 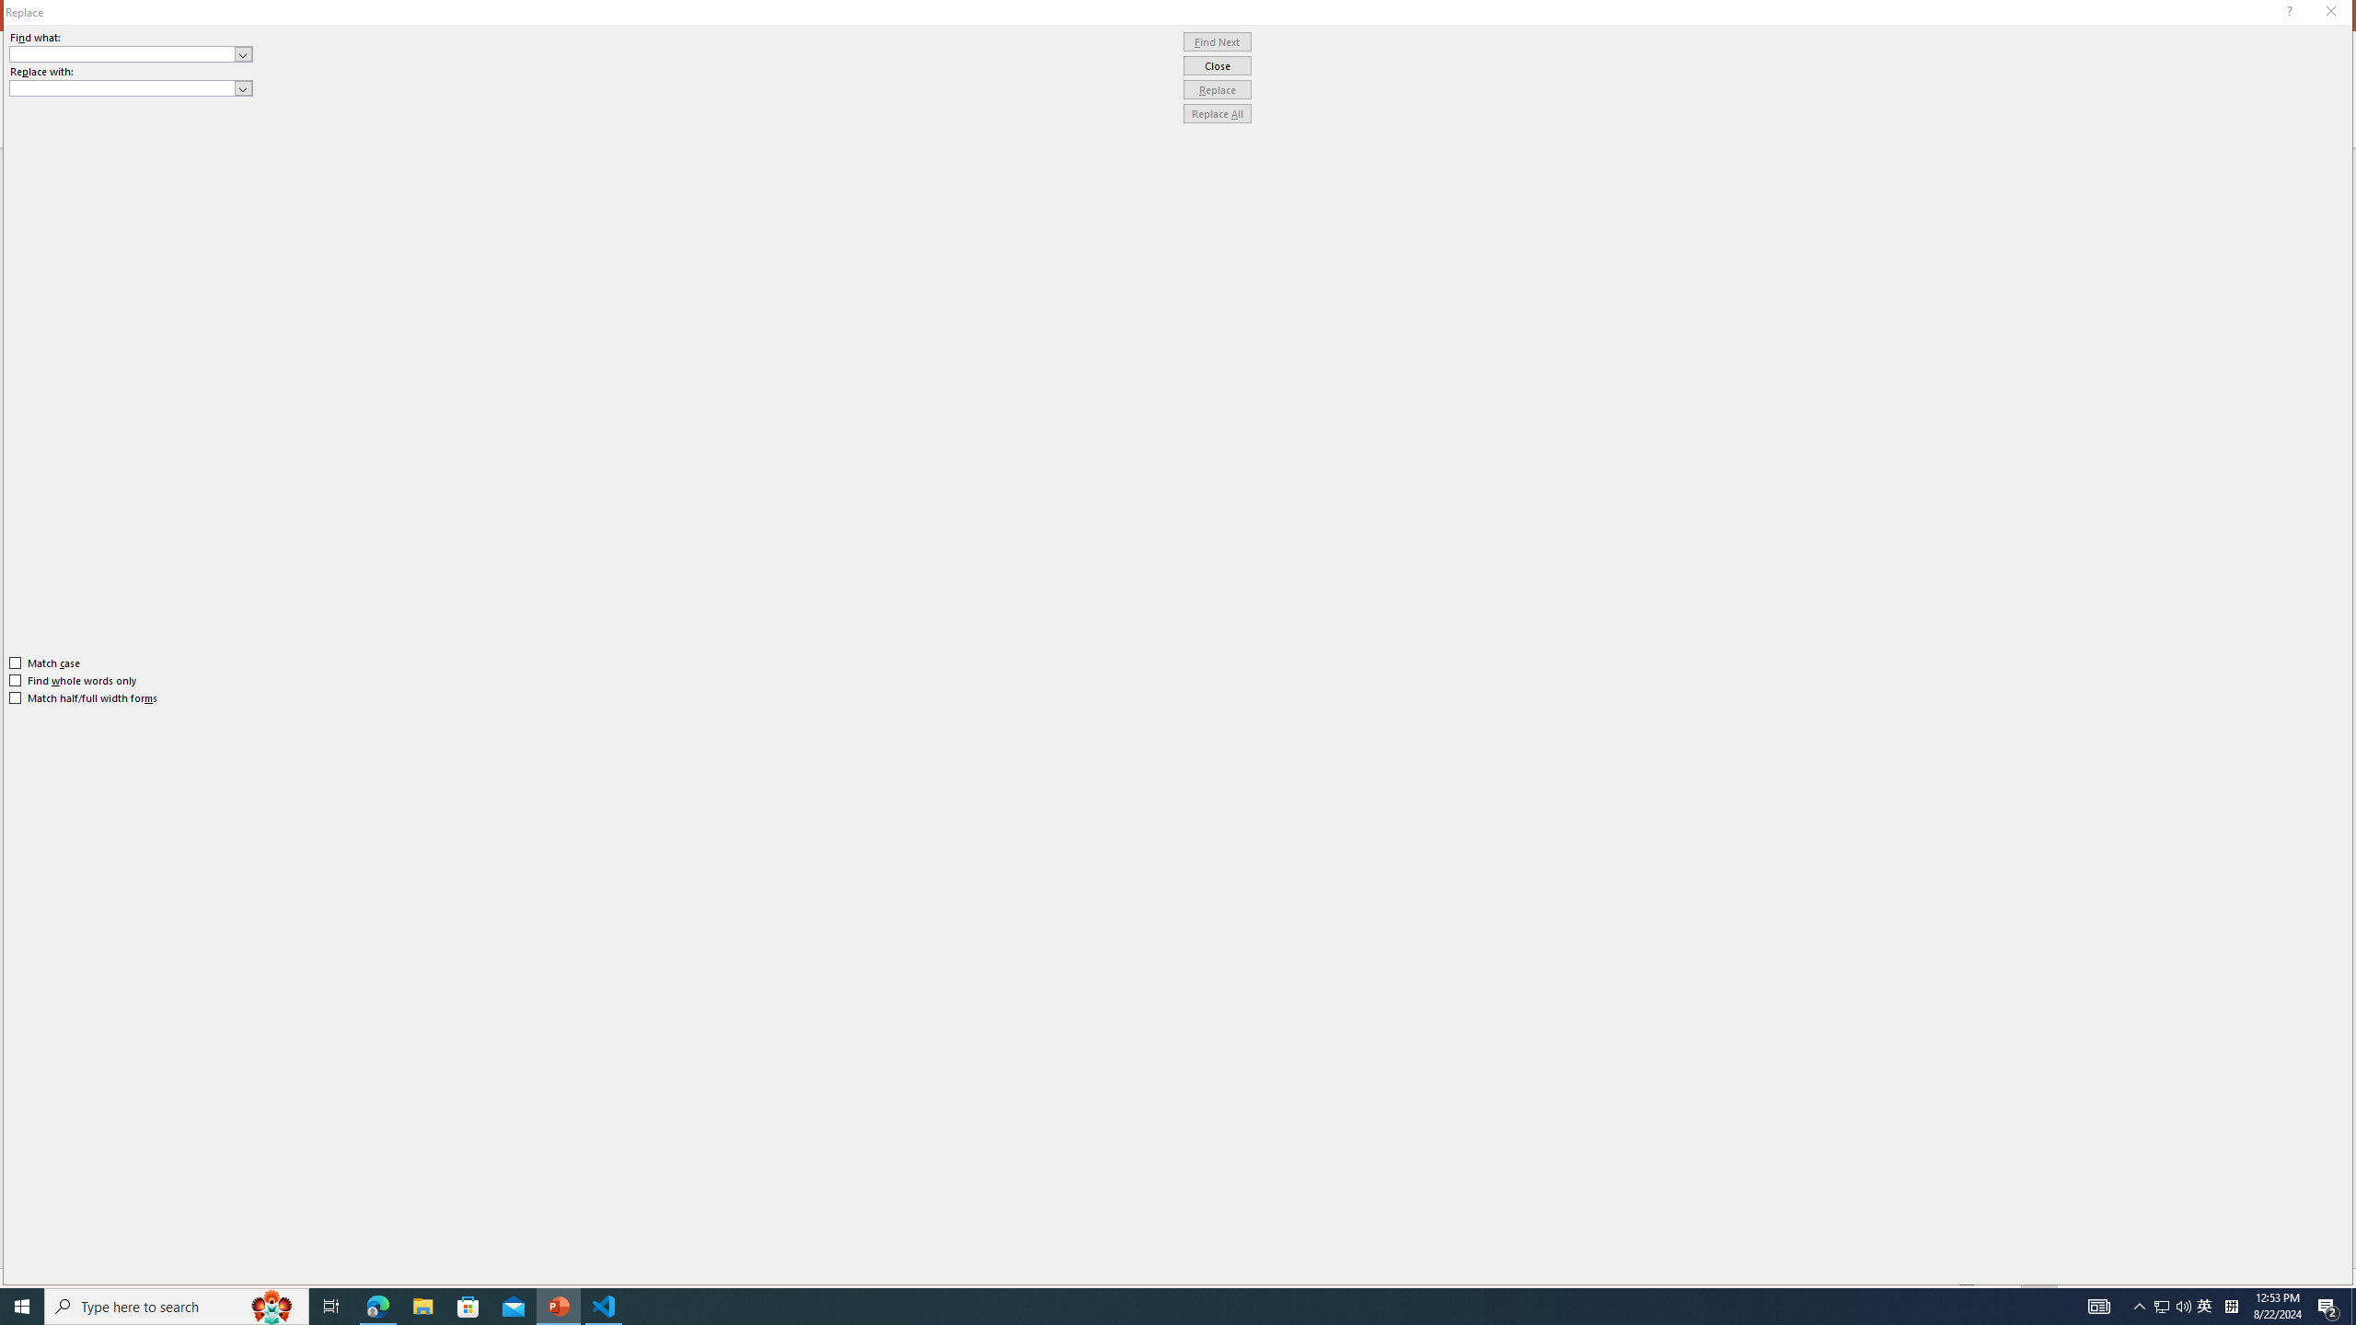 What do you see at coordinates (84, 697) in the screenshot?
I see `'Match half/full width forms'` at bounding box center [84, 697].